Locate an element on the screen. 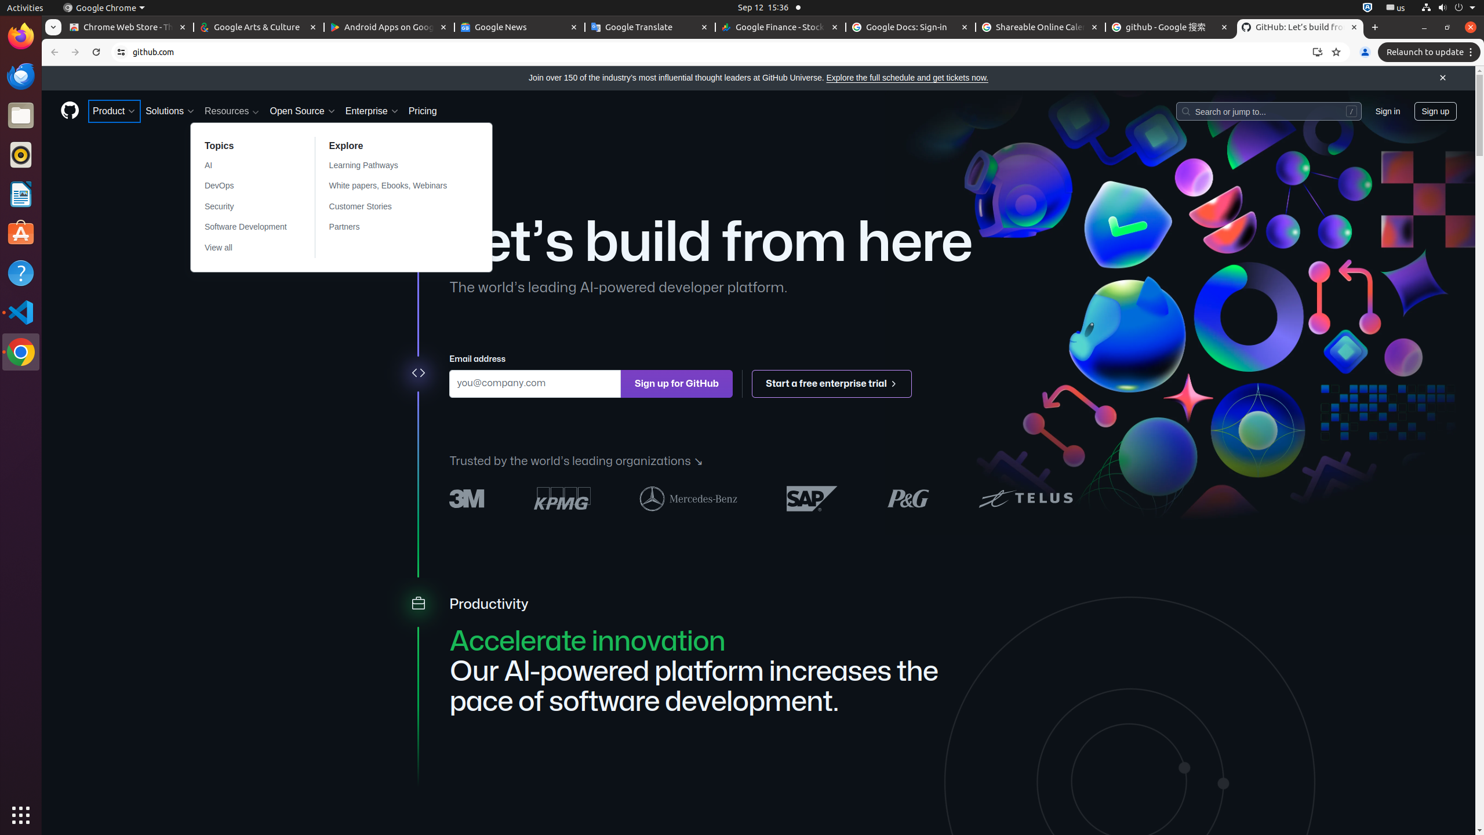 The height and width of the screenshot is (835, 1484). 'Android Apps on Google Play - Memory usage - 52.4 MB' is located at coordinates (388, 27).